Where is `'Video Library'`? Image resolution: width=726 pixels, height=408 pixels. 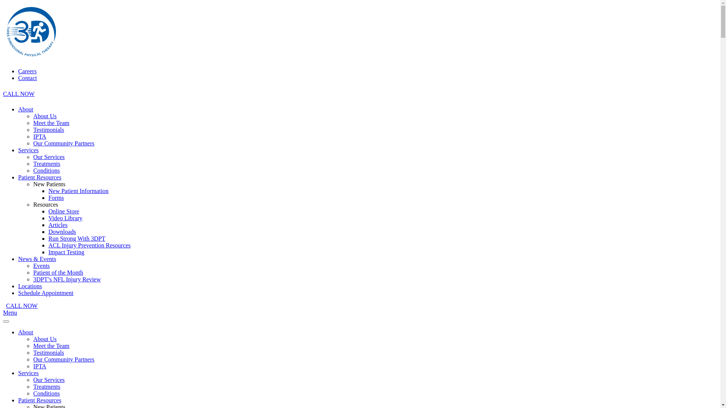 'Video Library' is located at coordinates (65, 218).